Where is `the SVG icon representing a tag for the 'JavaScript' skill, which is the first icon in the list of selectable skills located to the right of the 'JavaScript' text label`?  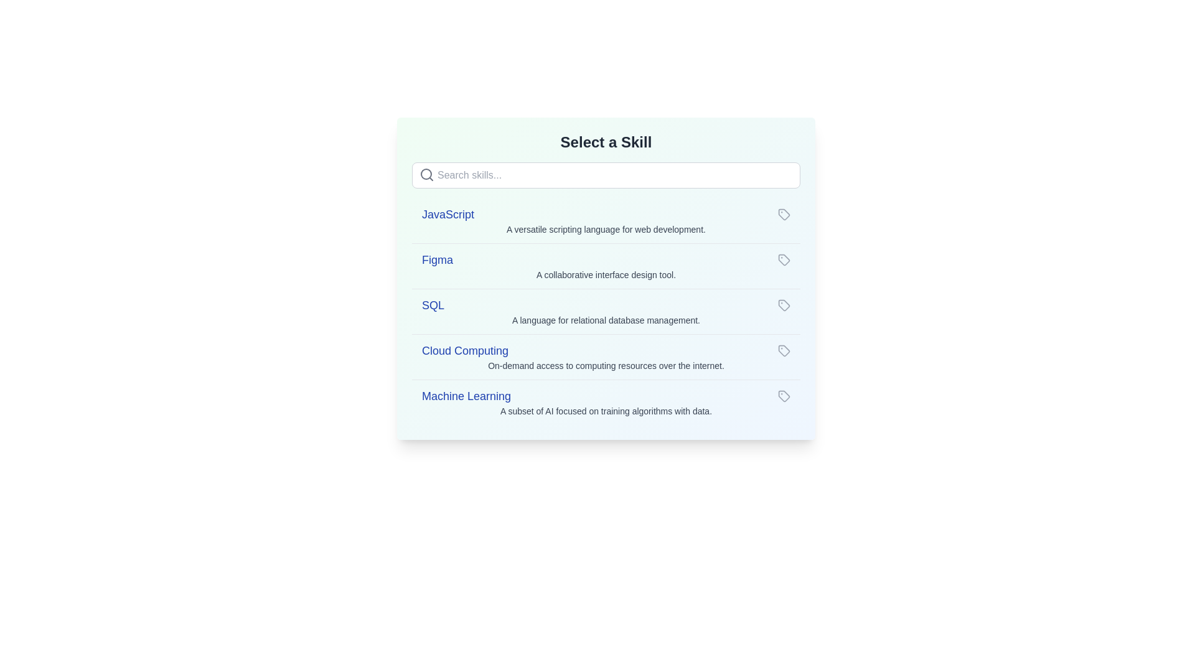 the SVG icon representing a tag for the 'JavaScript' skill, which is the first icon in the list of selectable skills located to the right of the 'JavaScript' text label is located at coordinates (783, 213).